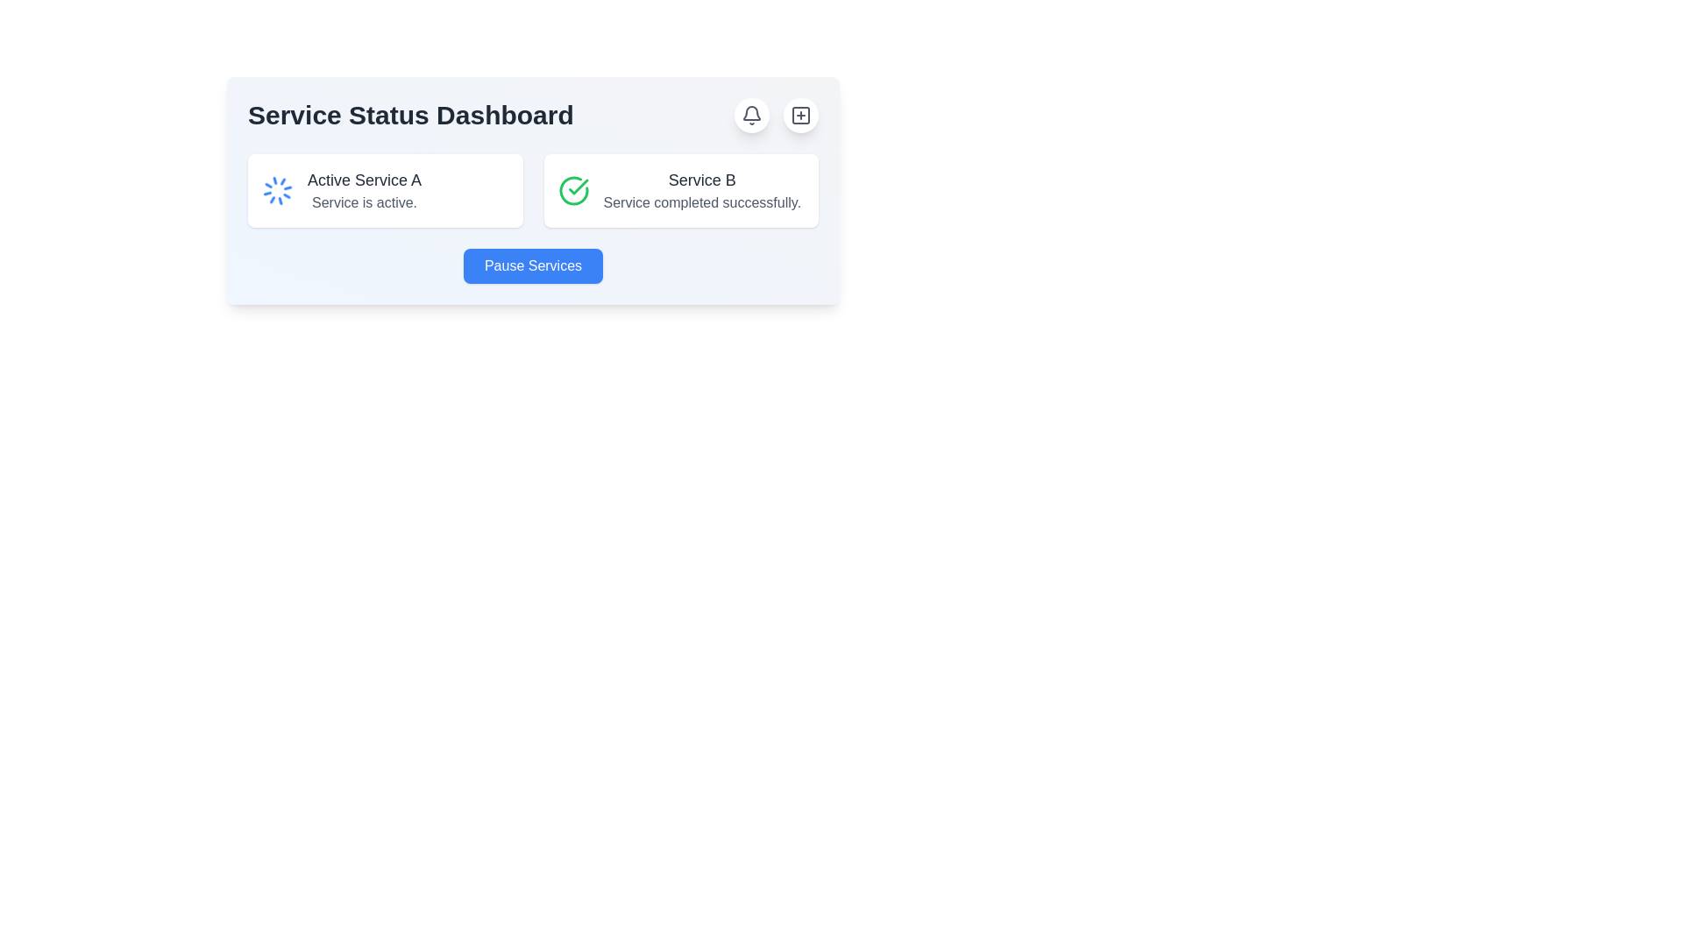  What do you see at coordinates (578, 187) in the screenshot?
I see `the green check-mark icon located in the top right of the 'Service B' status card on the dashboard` at bounding box center [578, 187].